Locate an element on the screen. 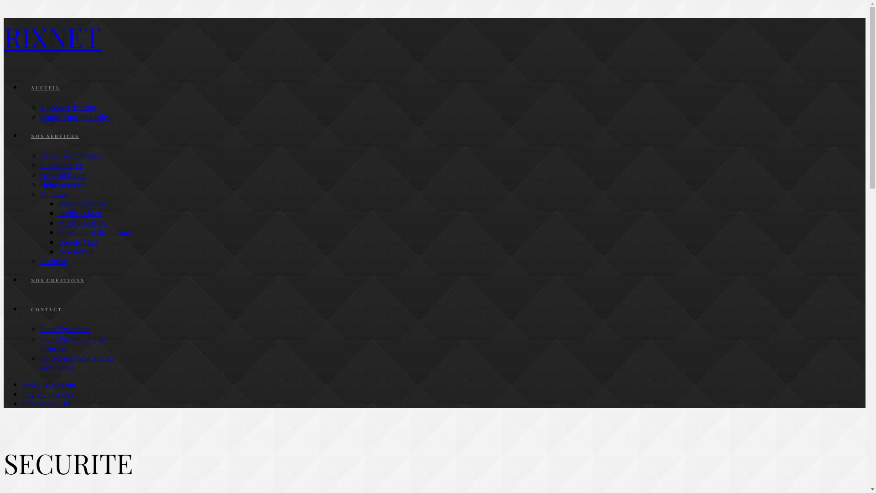 This screenshot has width=876, height=493. 'info@rixnet.be' is located at coordinates (46, 403).